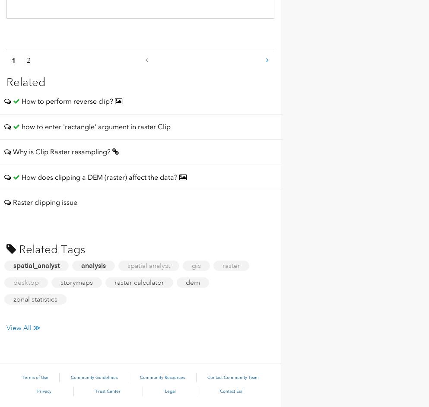  Describe the element at coordinates (67, 101) in the screenshot. I see `'How to perform reverse clip?'` at that location.